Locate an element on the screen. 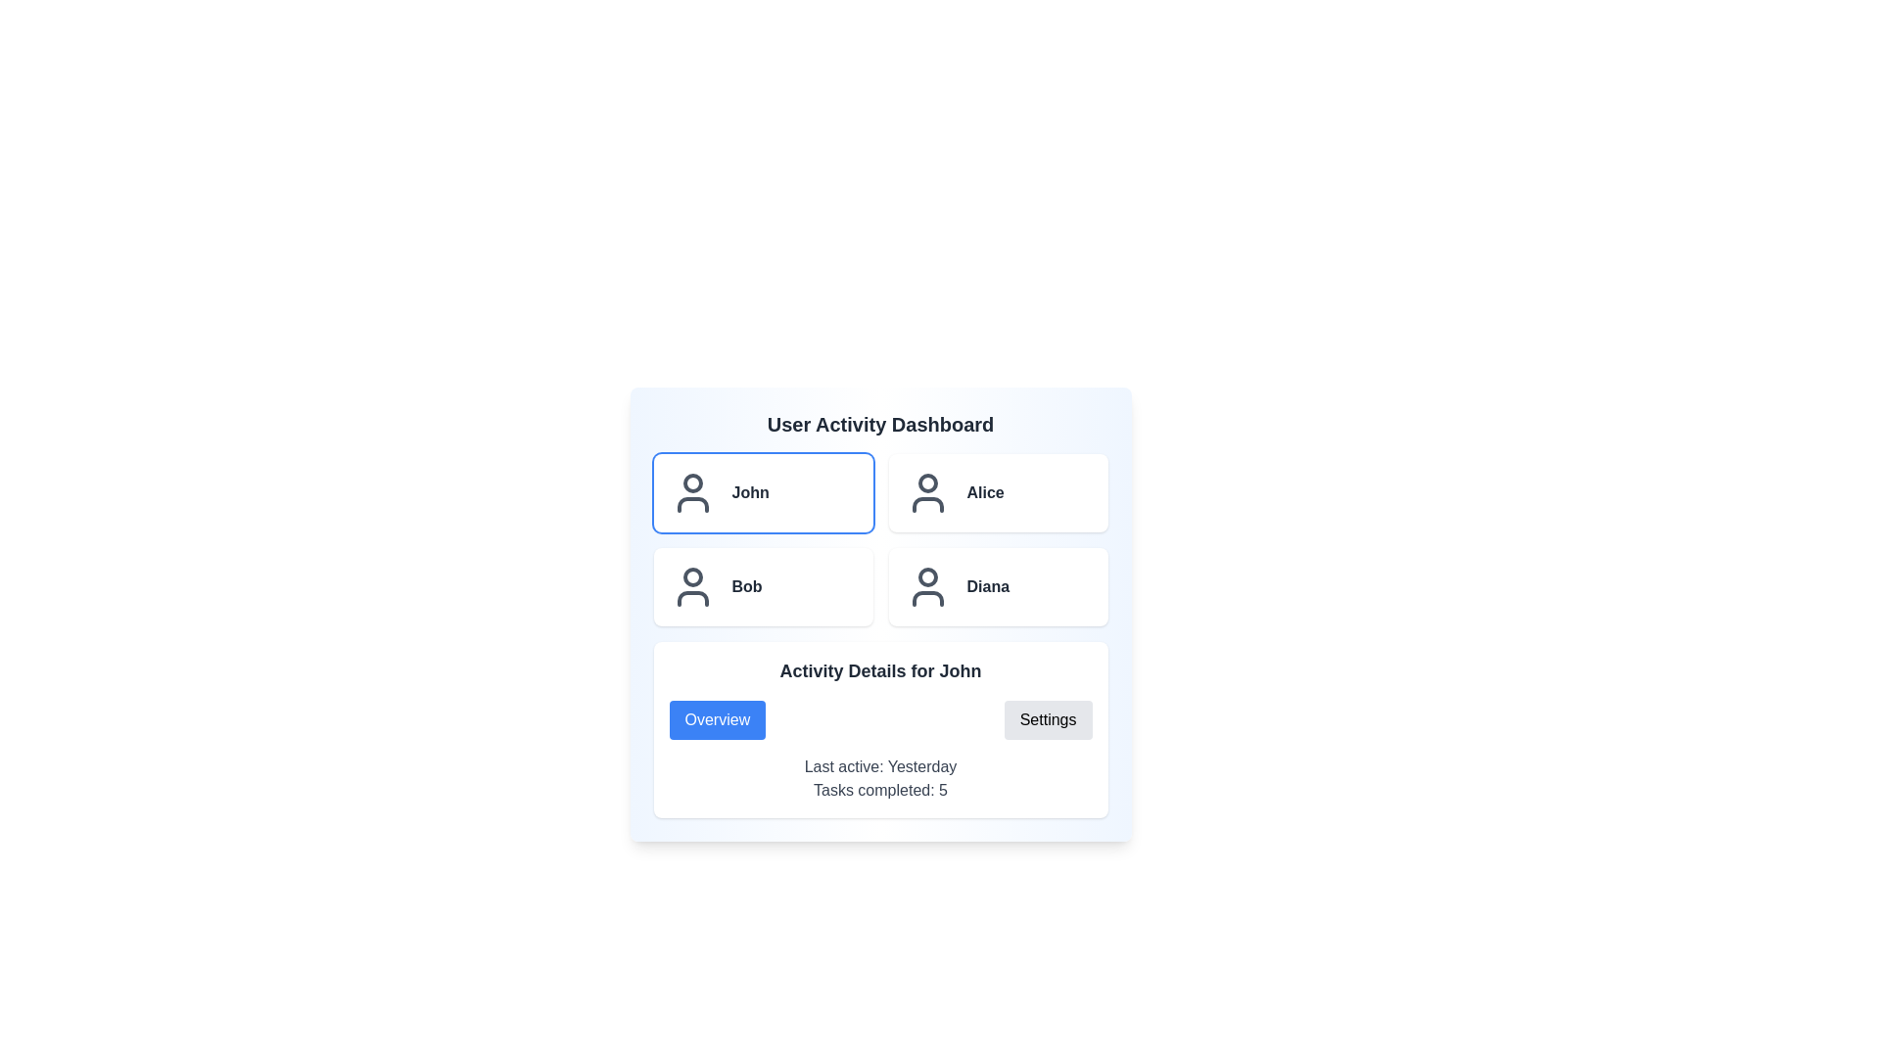 The image size is (1880, 1057). lower torso segment of the icon representing 'John' in the first row and first column of the user grid on the dashboard for graphical details is located at coordinates (692, 504).